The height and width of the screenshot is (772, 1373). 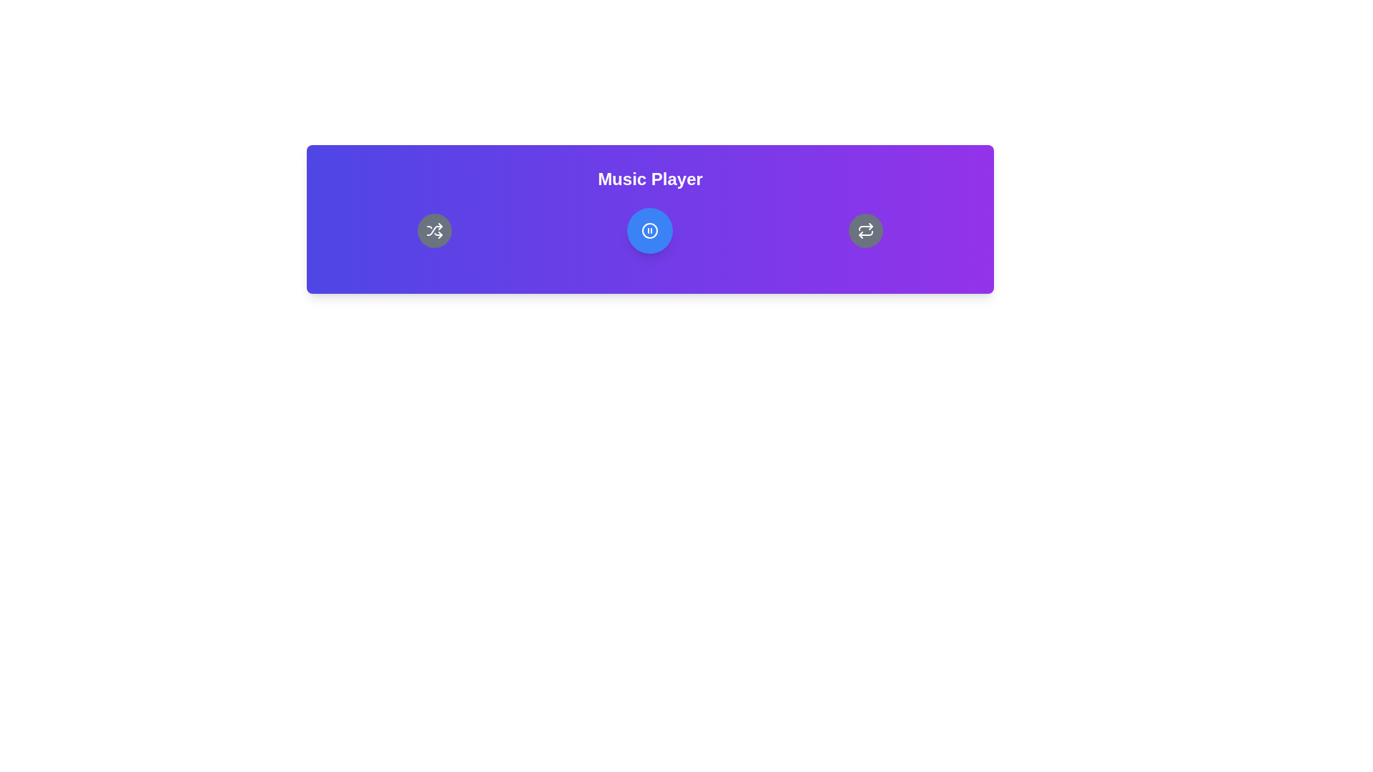 I want to click on the shuffle icon button with a gray background and rounded corners, located at the far right of a row of three buttons, so click(x=433, y=230).